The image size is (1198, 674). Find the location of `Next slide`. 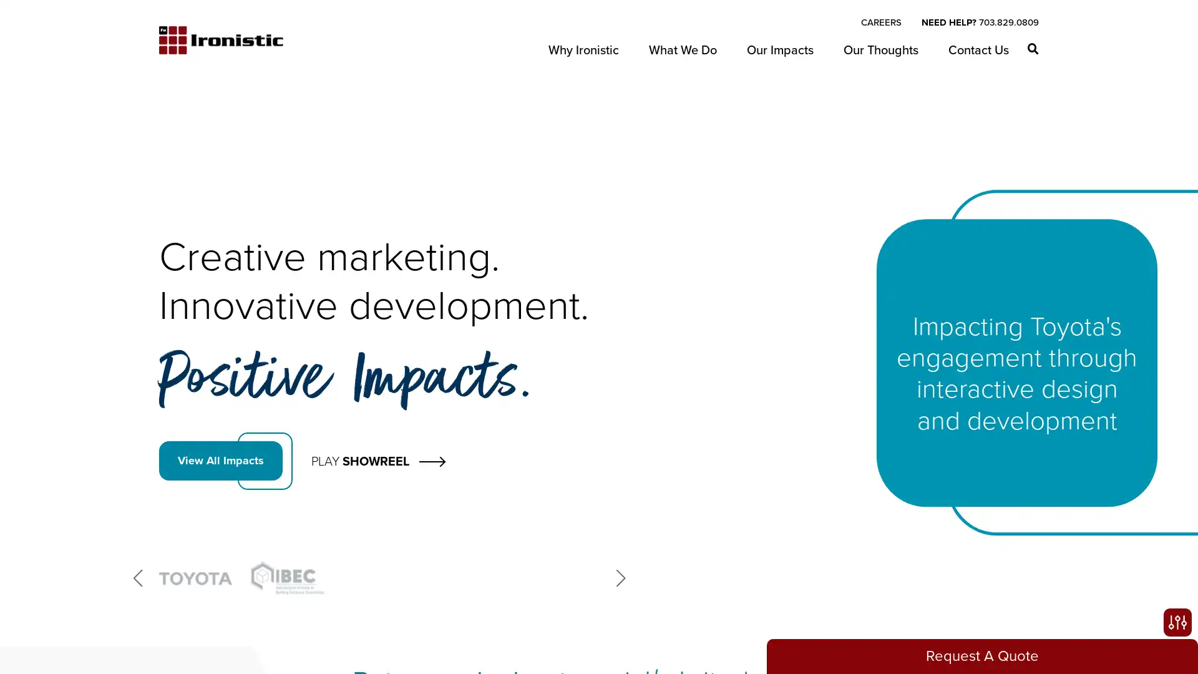

Next slide is located at coordinates (620, 577).